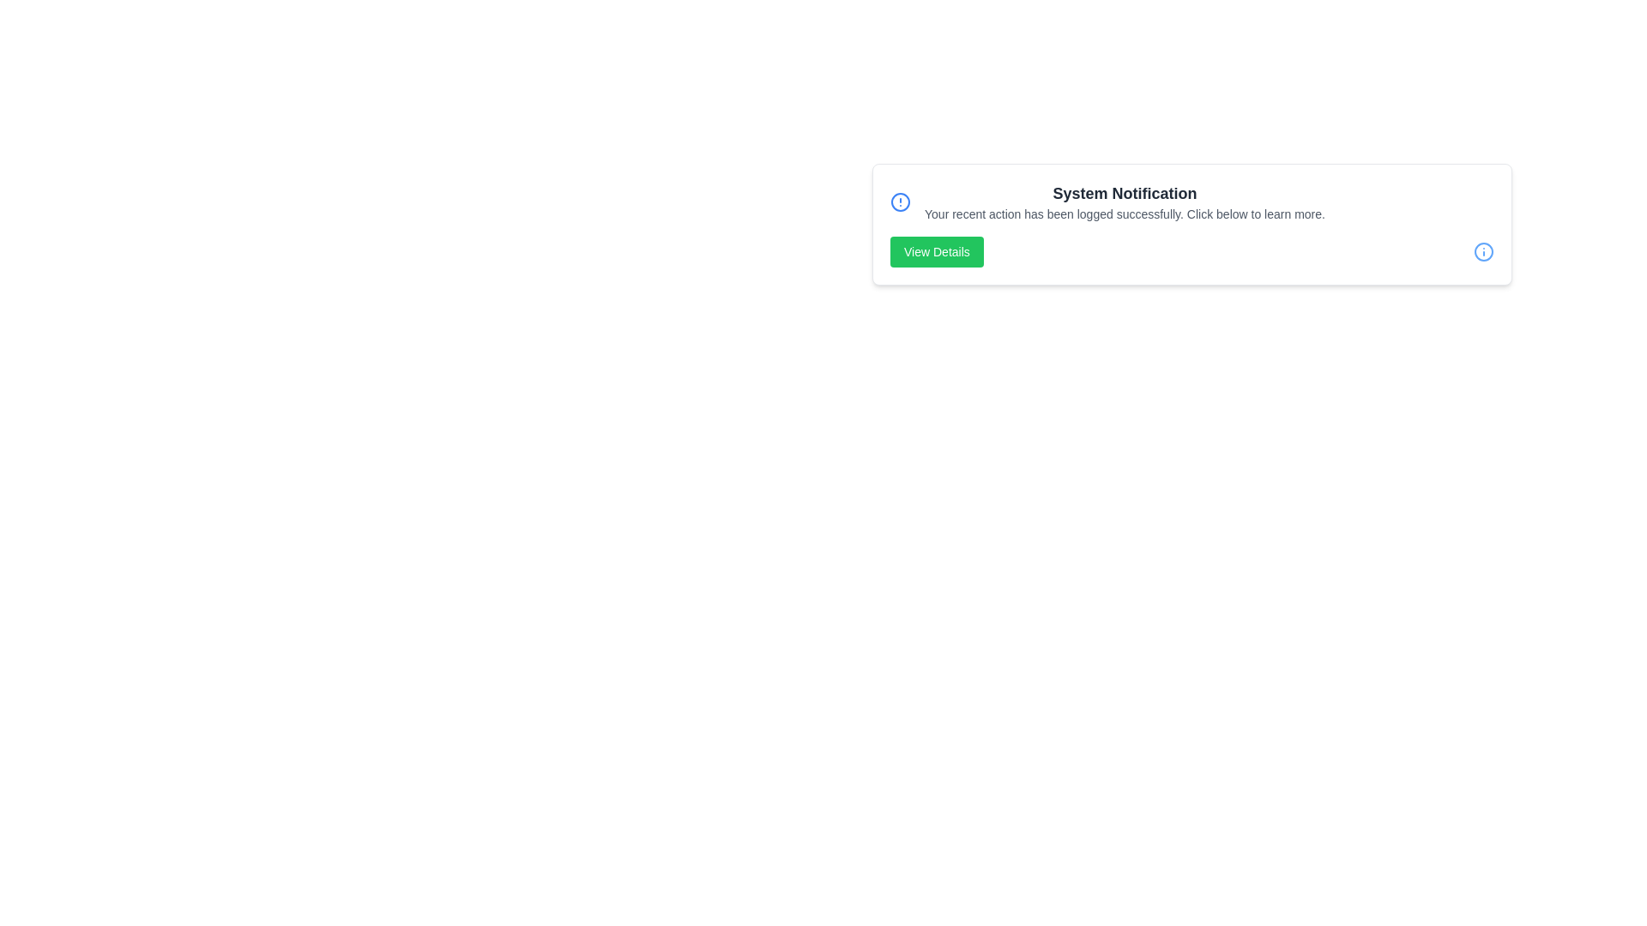 Image resolution: width=1647 pixels, height=926 pixels. What do you see at coordinates (924, 204) in the screenshot?
I see `the text 'Your recent action has been logged successfully. Click below to learn more.'` at bounding box center [924, 204].